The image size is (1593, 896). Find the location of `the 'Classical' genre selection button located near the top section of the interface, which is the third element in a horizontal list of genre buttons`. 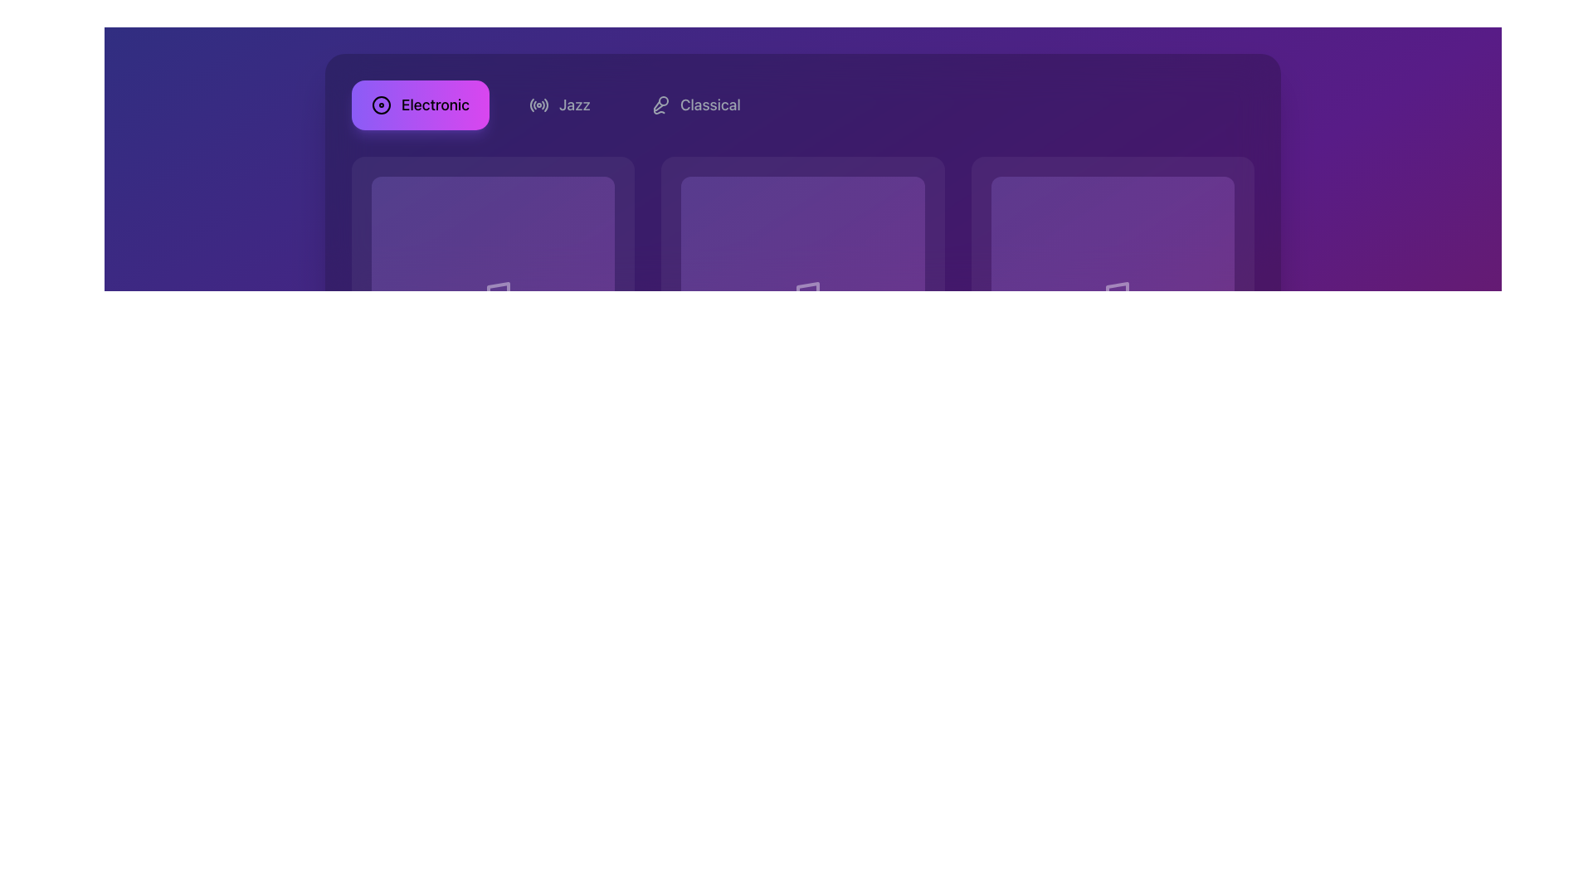

the 'Classical' genre selection button located near the top section of the interface, which is the third element in a horizontal list of genre buttons is located at coordinates (695, 105).